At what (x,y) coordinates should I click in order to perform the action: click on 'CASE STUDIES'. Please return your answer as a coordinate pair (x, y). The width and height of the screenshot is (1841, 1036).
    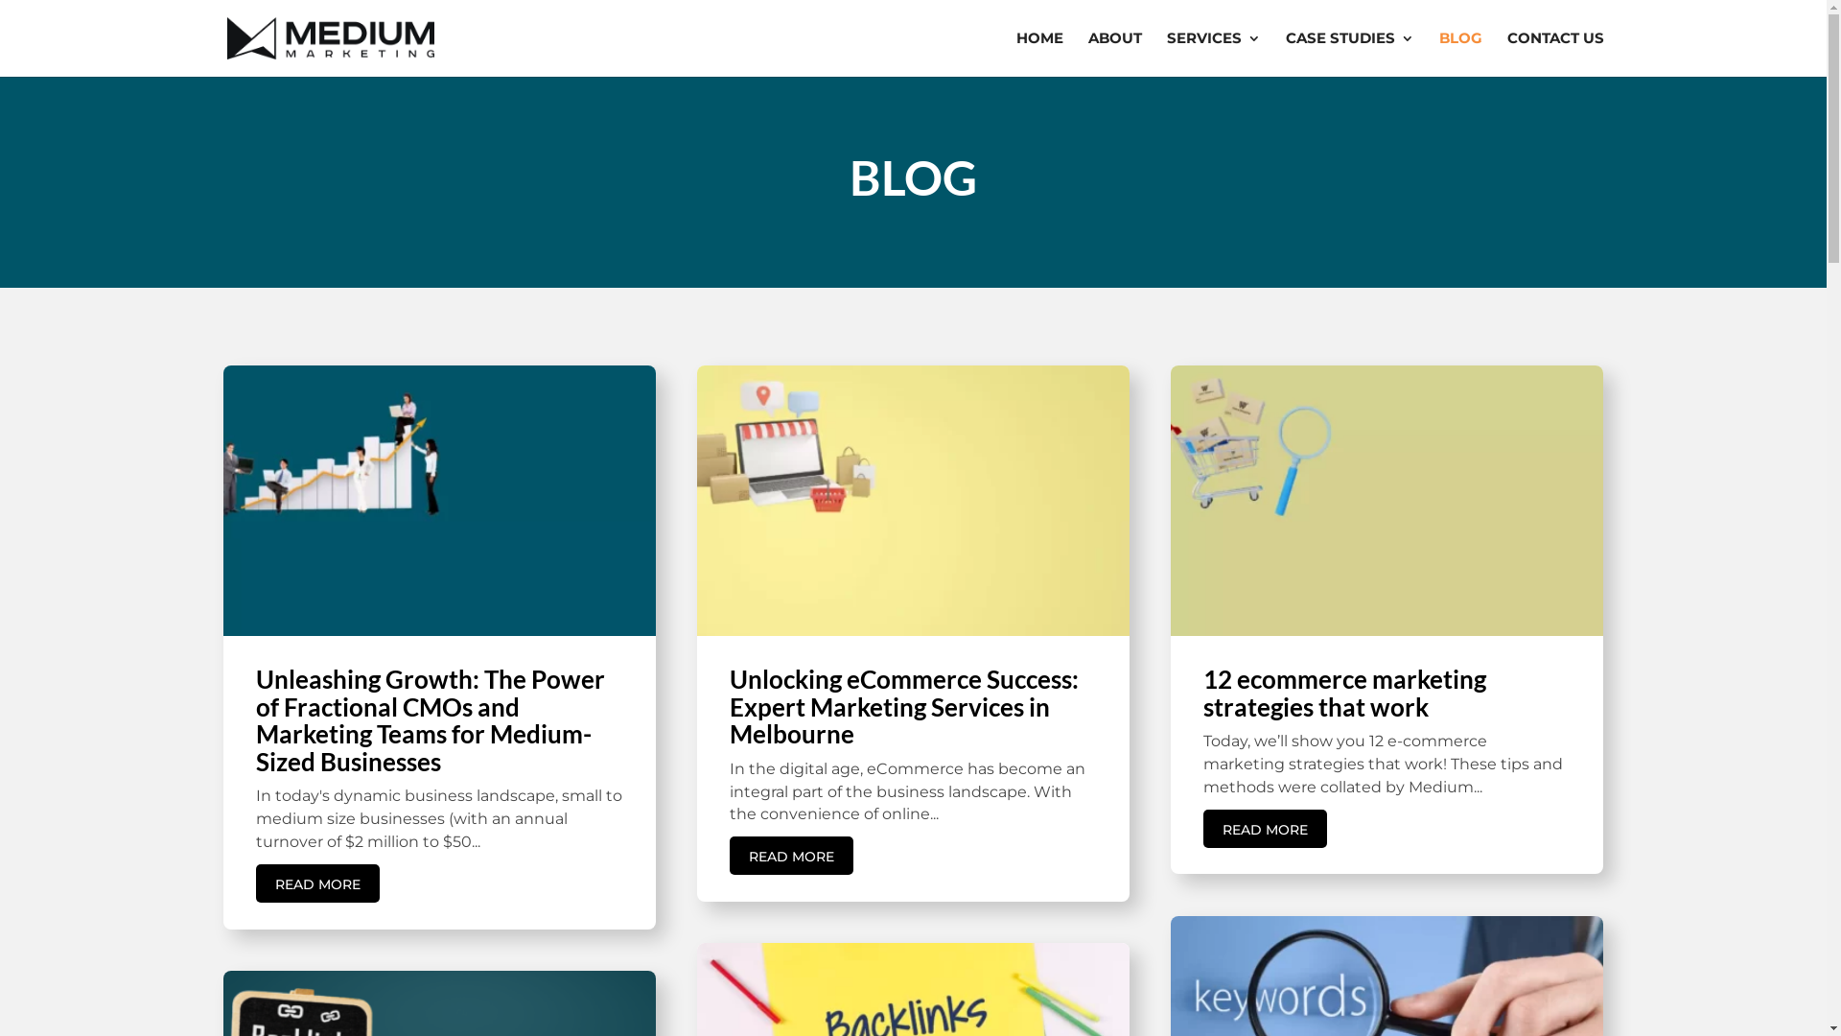
    Looking at the image, I should click on (1347, 53).